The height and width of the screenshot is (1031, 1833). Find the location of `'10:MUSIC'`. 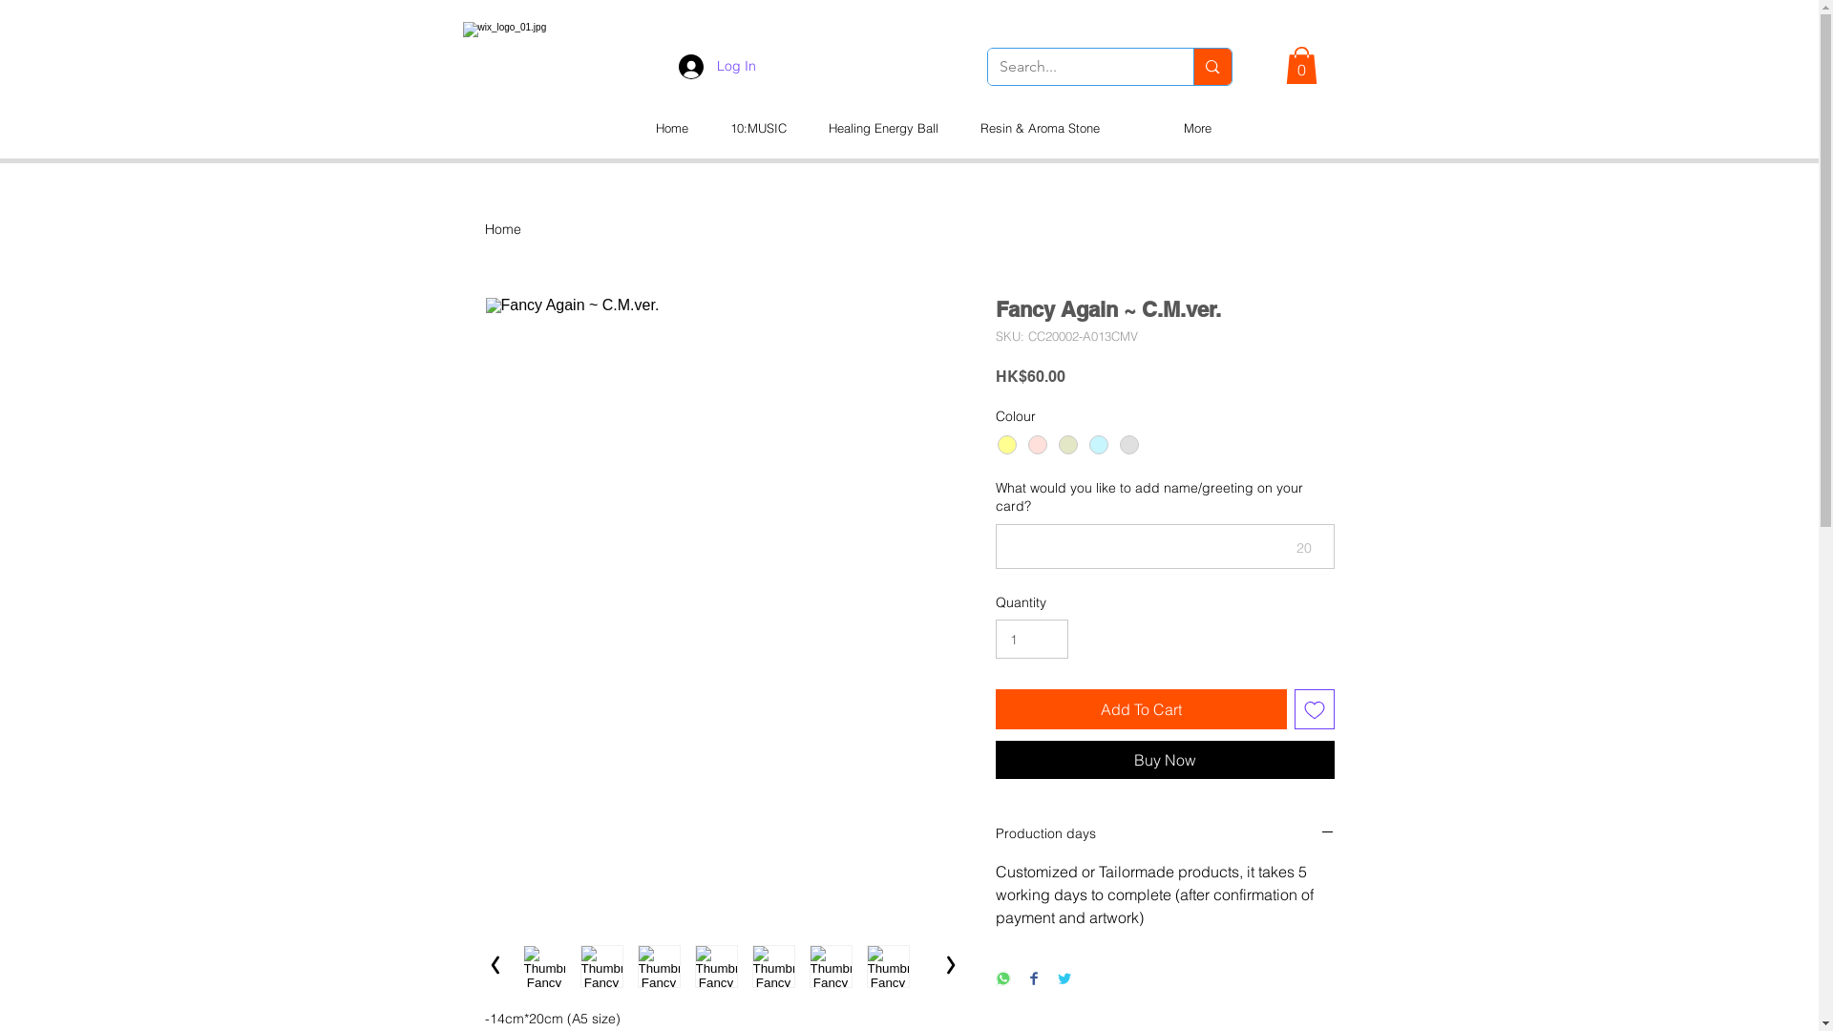

'10:MUSIC' is located at coordinates (707, 128).